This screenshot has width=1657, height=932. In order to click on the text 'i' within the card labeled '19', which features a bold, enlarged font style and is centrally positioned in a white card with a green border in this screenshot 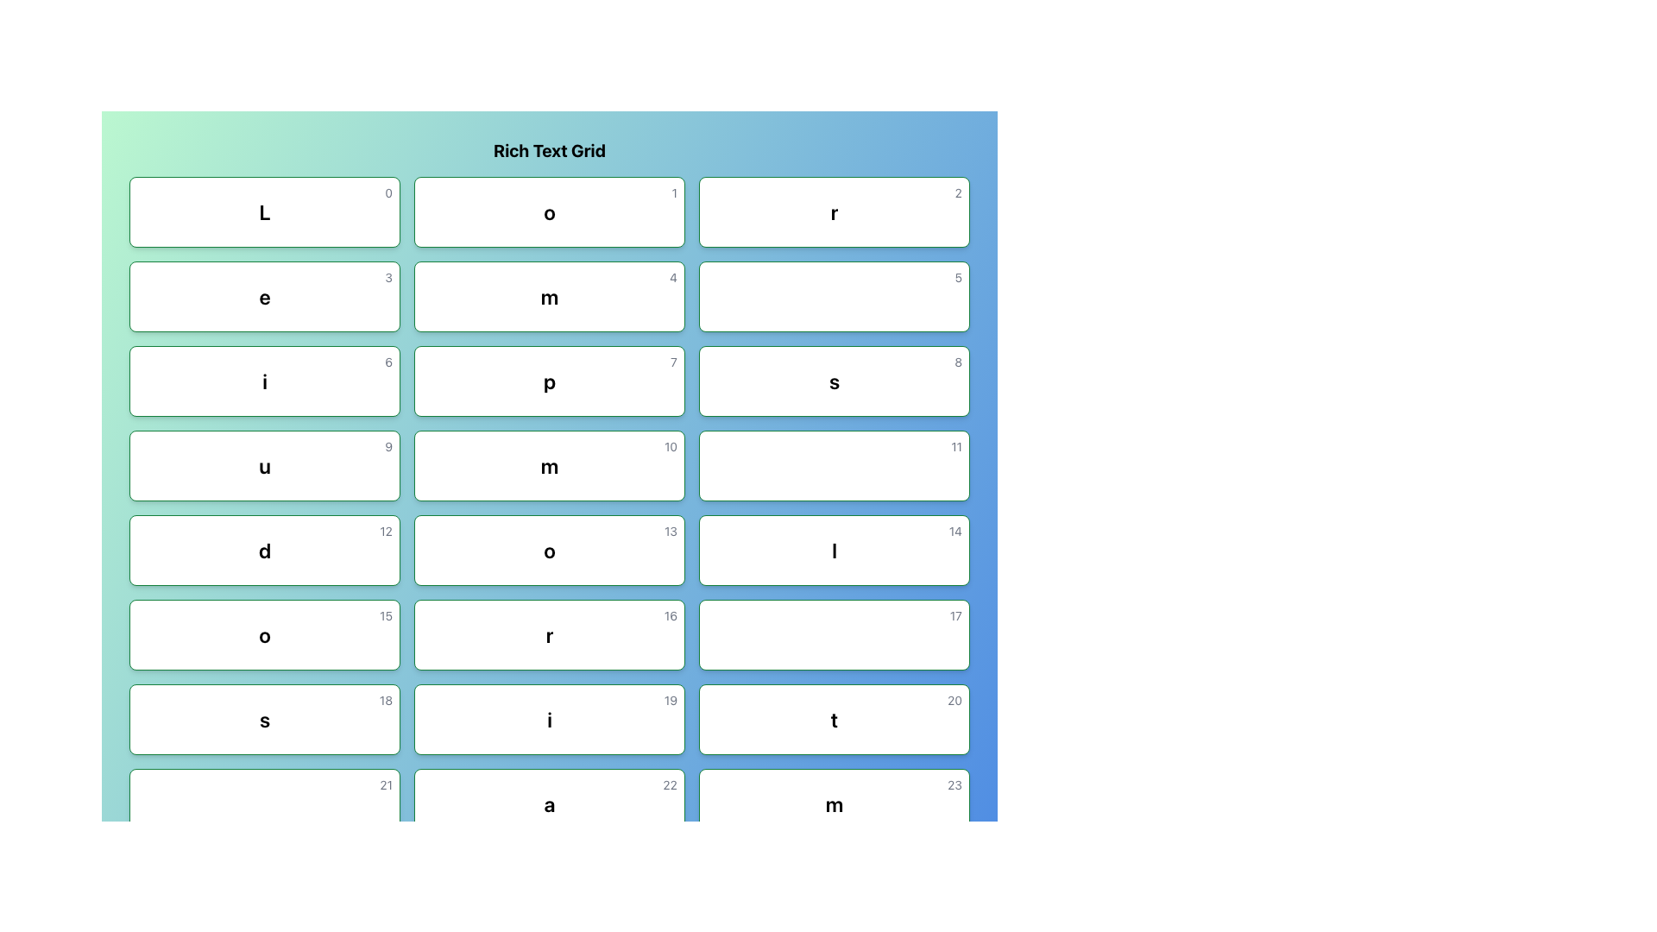, I will do `click(549, 719)`.